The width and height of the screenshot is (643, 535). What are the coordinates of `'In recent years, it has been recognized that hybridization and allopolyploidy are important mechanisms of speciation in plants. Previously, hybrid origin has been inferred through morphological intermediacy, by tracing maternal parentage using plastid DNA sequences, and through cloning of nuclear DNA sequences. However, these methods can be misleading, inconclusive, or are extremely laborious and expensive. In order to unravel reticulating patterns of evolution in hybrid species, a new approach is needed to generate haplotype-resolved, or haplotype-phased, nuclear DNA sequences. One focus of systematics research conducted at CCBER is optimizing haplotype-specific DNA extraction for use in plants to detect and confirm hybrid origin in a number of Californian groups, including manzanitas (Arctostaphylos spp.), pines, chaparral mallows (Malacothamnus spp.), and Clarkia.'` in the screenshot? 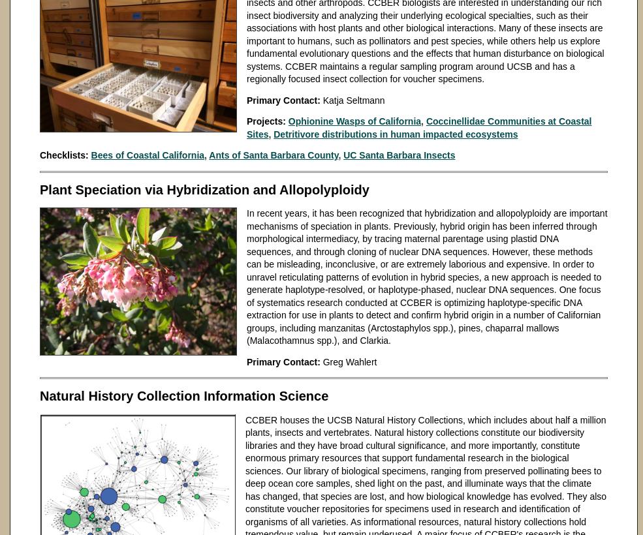 It's located at (247, 276).